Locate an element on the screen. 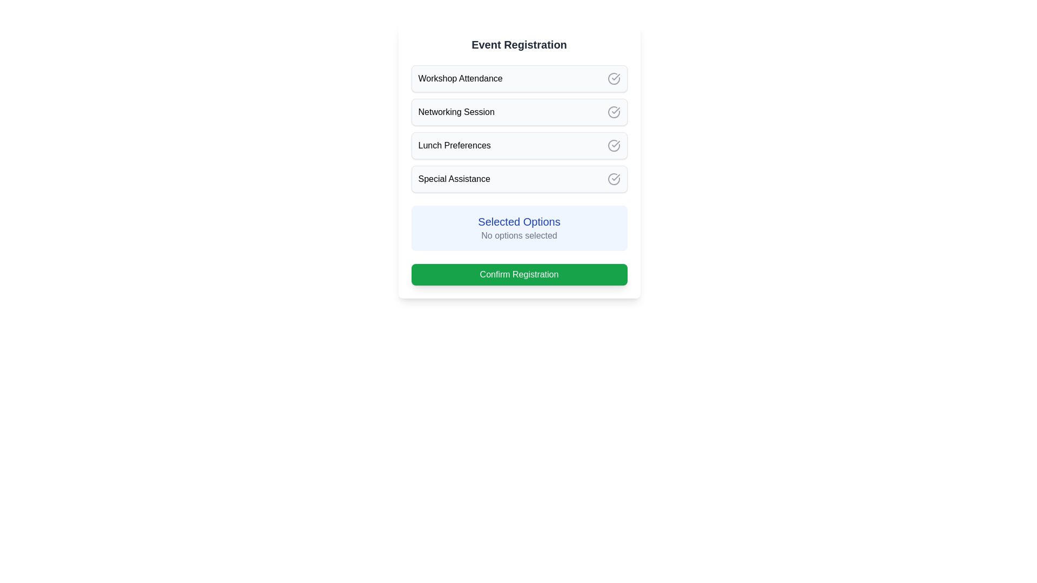 This screenshot has width=1037, height=583. the 'Special Assistance' list item, the last option in a vertically stacked list is located at coordinates (519, 178).